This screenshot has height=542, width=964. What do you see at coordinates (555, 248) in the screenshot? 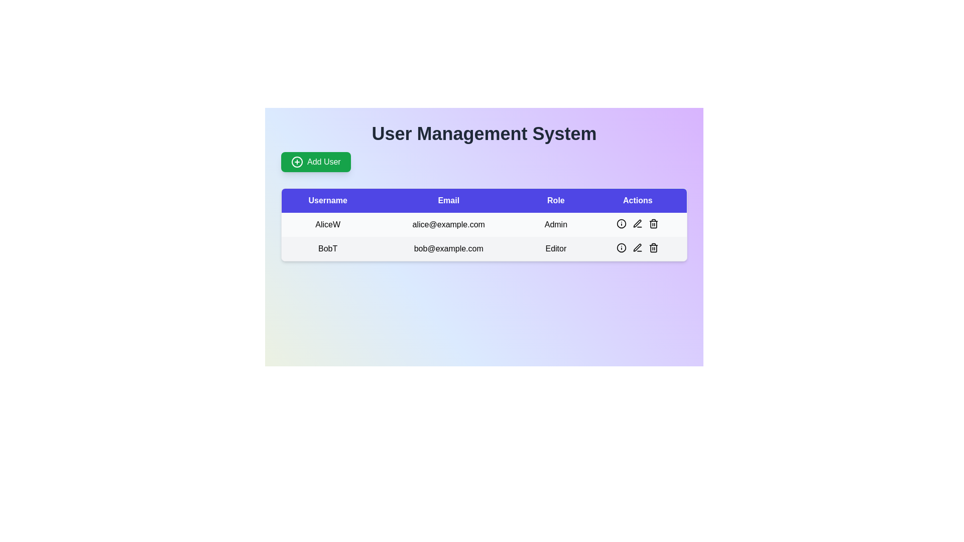
I see `the 'Editor' text label in the third column of the second row of the table to trigger a tooltip or highlight` at bounding box center [555, 248].